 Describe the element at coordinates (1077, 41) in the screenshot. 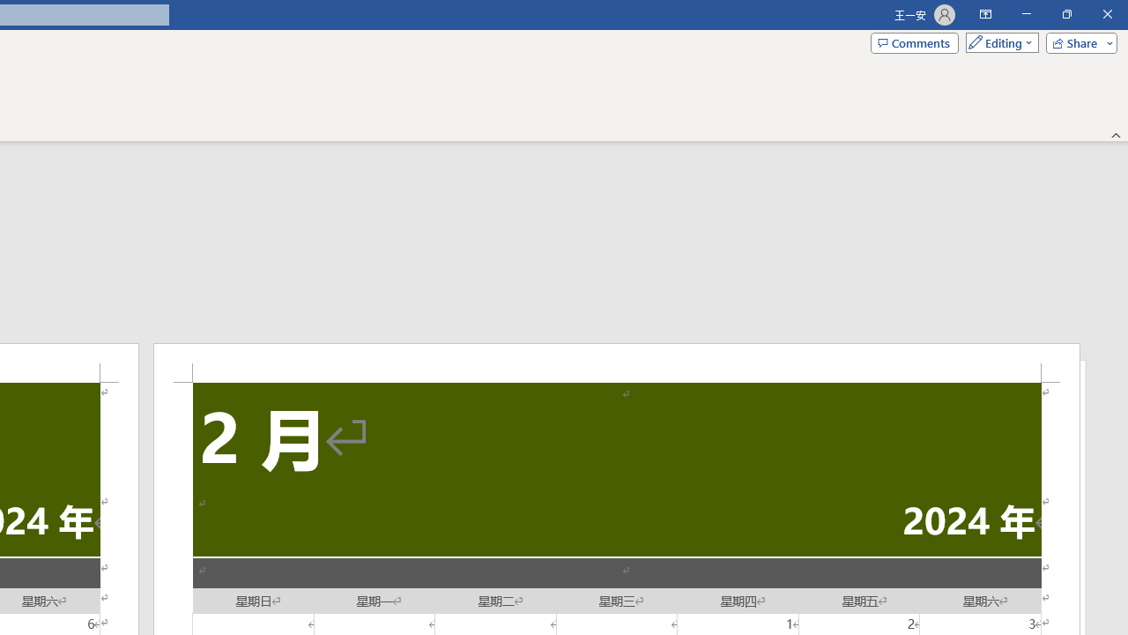

I see `'Share'` at that location.